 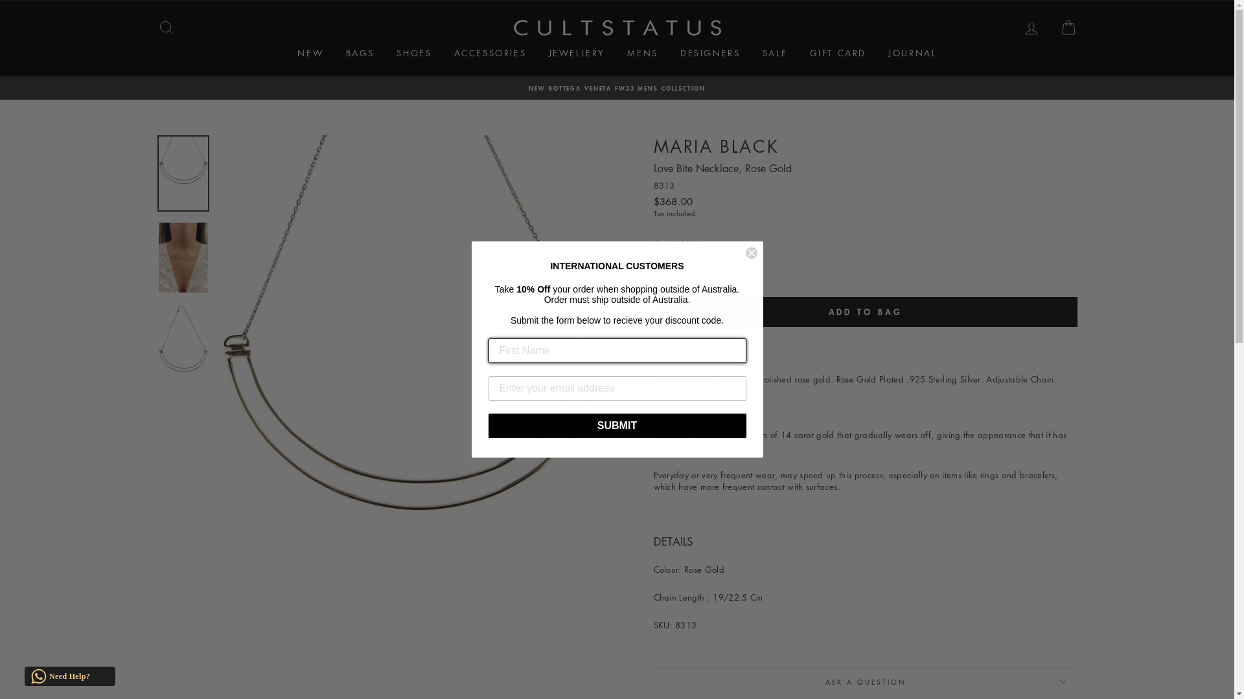 What do you see at coordinates (1031, 28) in the screenshot?
I see `'LOG IN'` at bounding box center [1031, 28].